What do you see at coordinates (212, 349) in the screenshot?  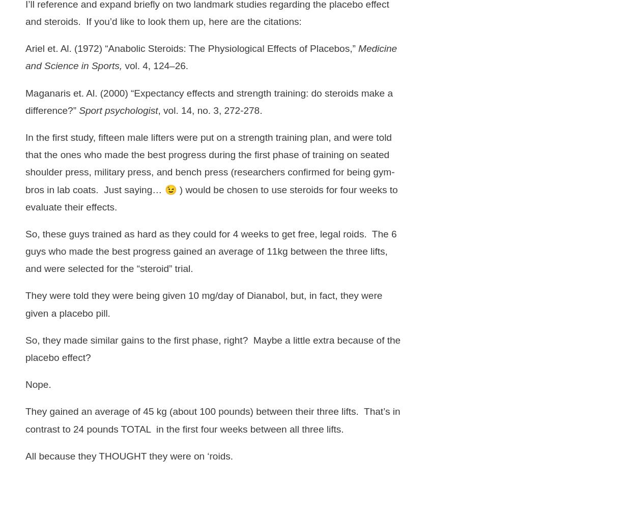 I see `'So, they made similar gains to the first phase, right?  Maybe a little extra because of the placebo effect?'` at bounding box center [212, 349].